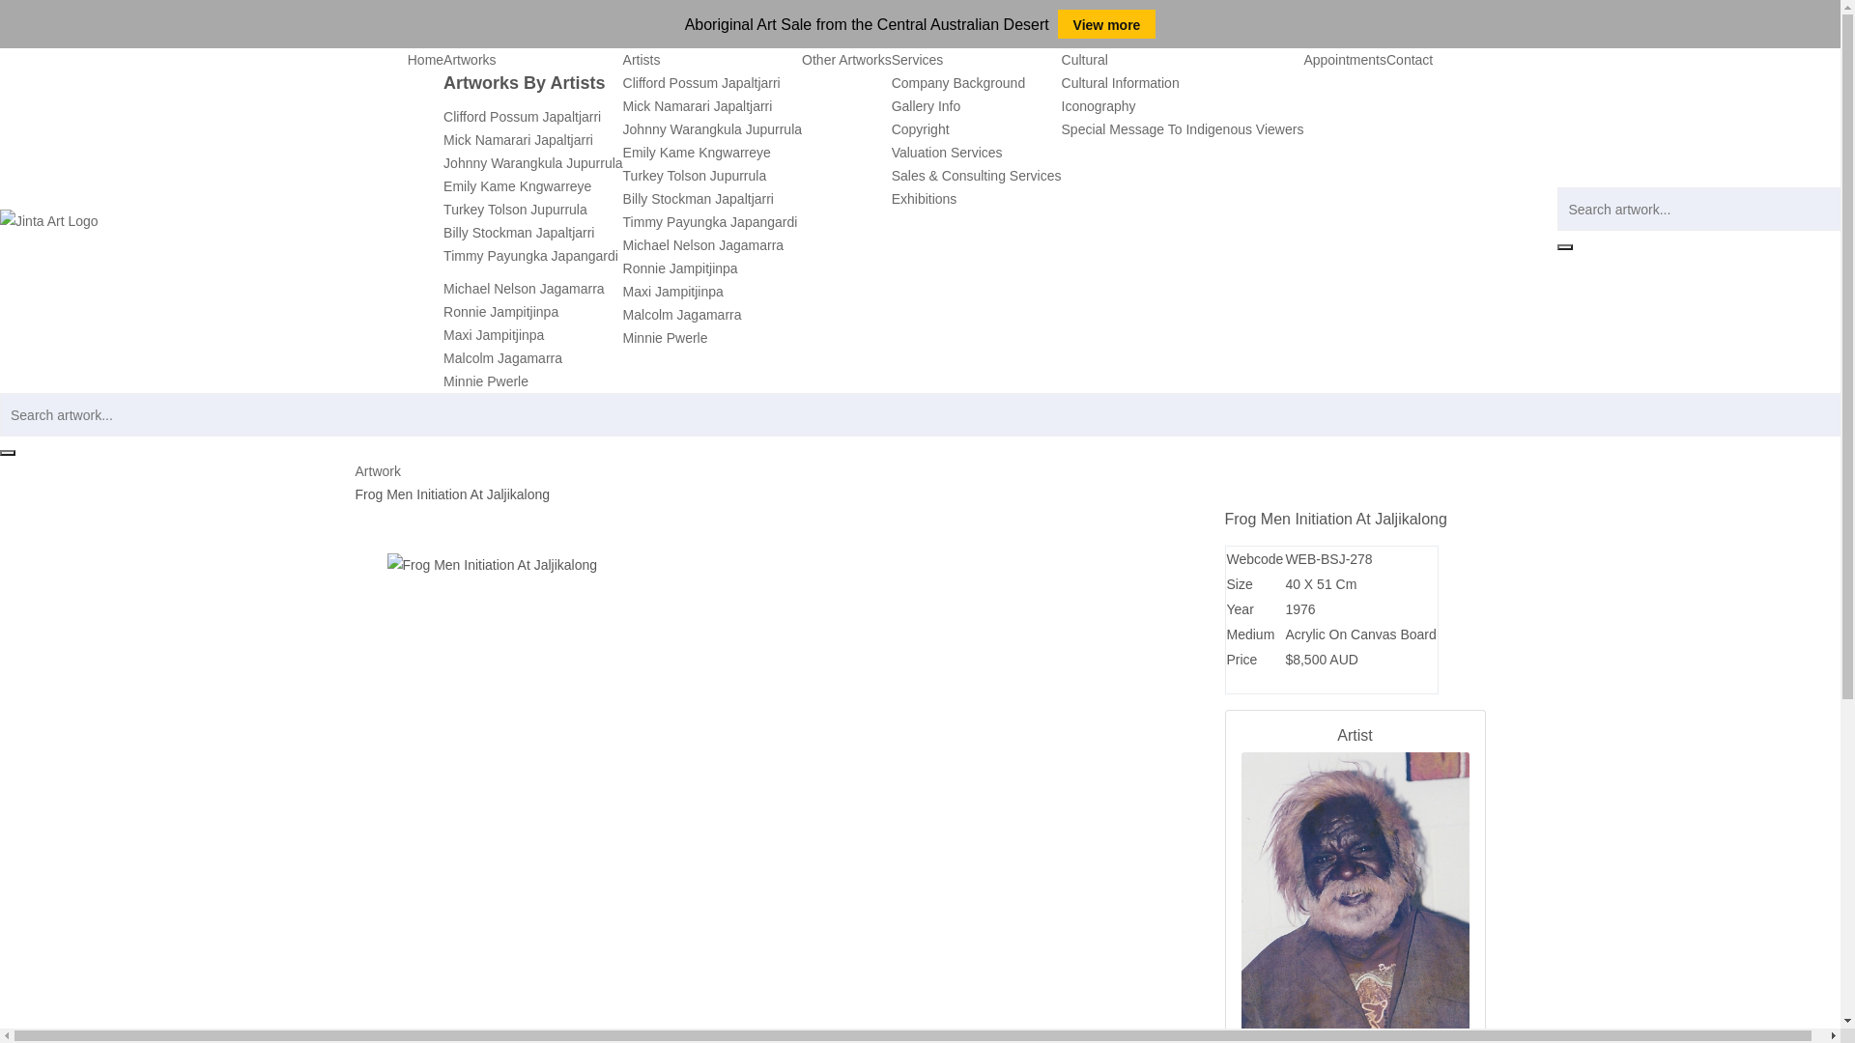 The height and width of the screenshot is (1043, 1855). I want to click on 'Artwork', so click(378, 471).